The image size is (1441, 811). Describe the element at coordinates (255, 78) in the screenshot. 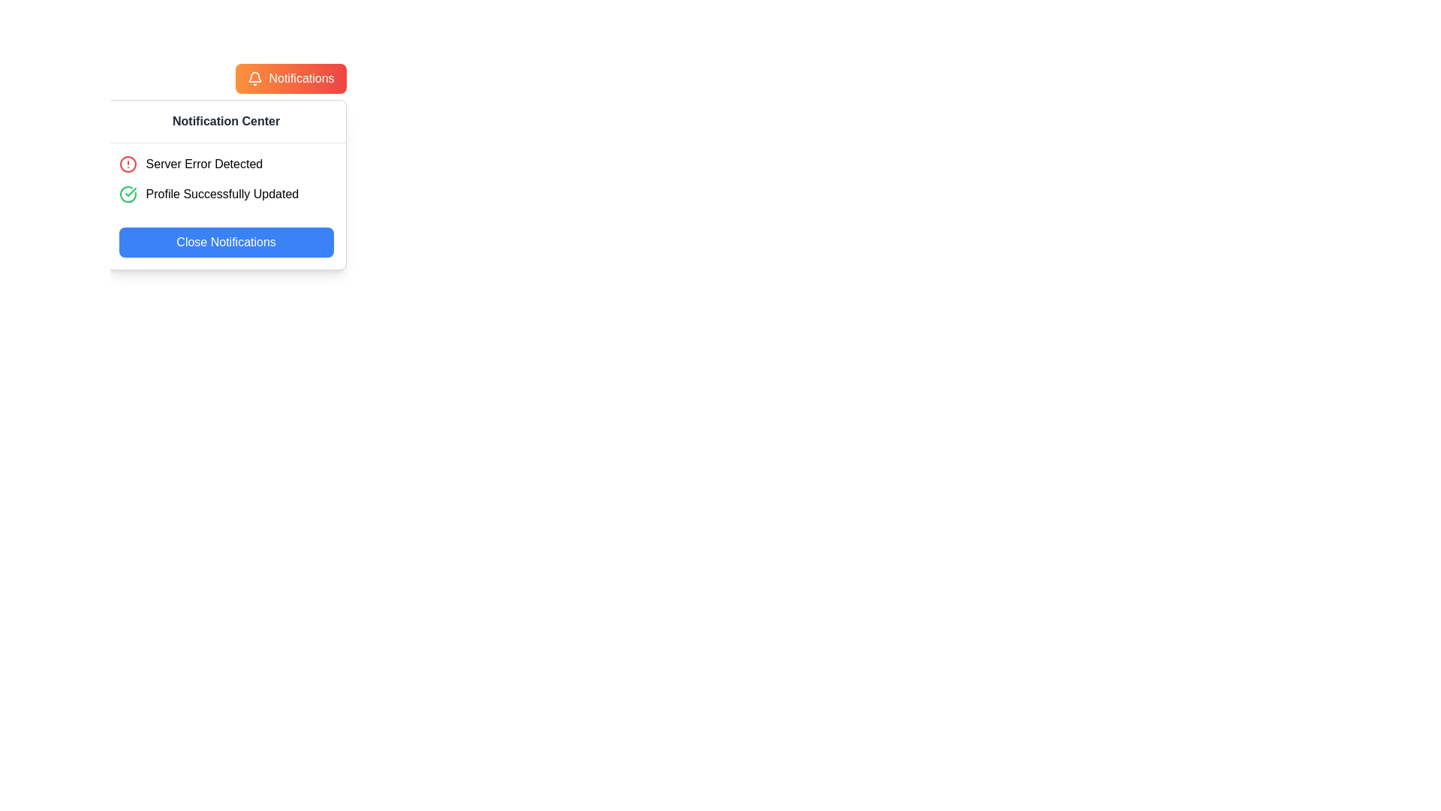

I see `the notification bell icon, which is an SVG graphic with a rounded appearance located to the left of the 'Notifications' button at the top-right corner of the notification panel` at that location.